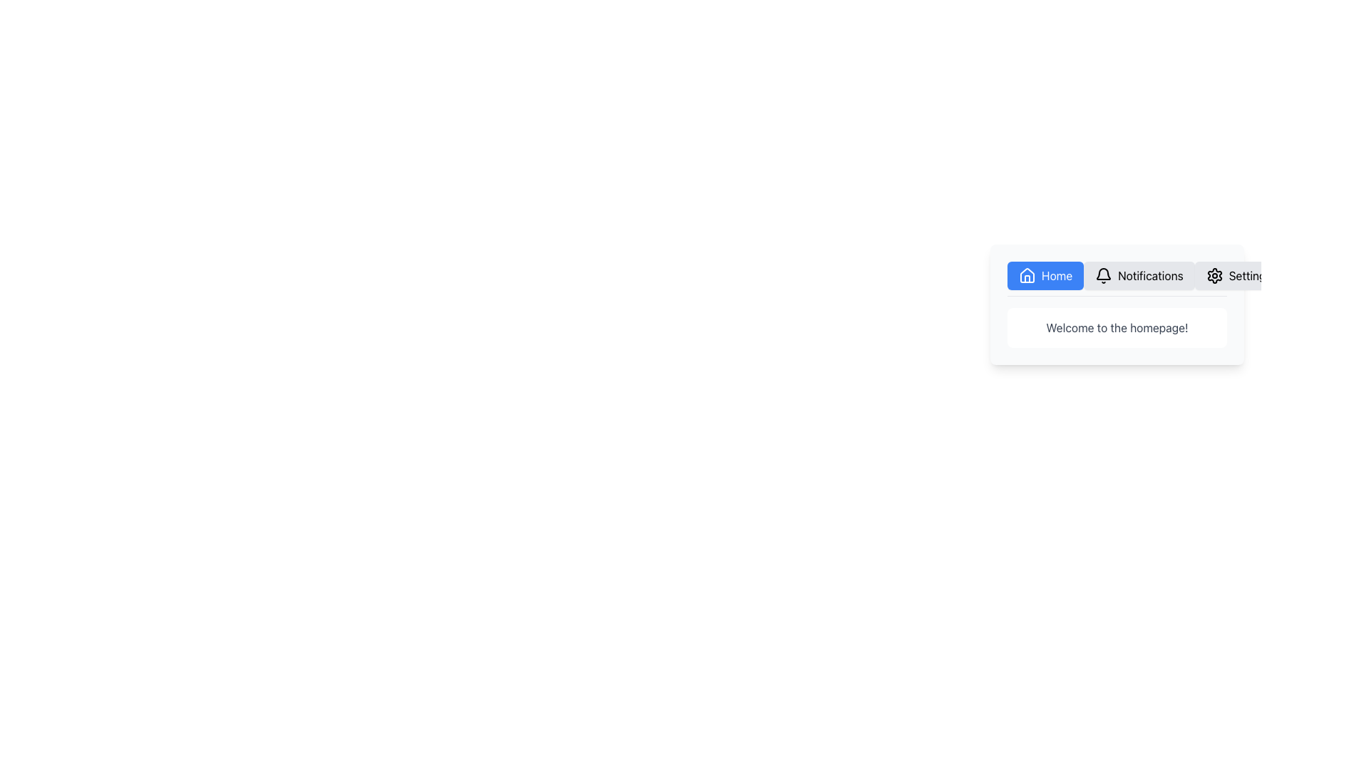 Image resolution: width=1369 pixels, height=770 pixels. Describe the element at coordinates (1027, 275) in the screenshot. I see `the house outline icon button on the left side of the element group` at that location.